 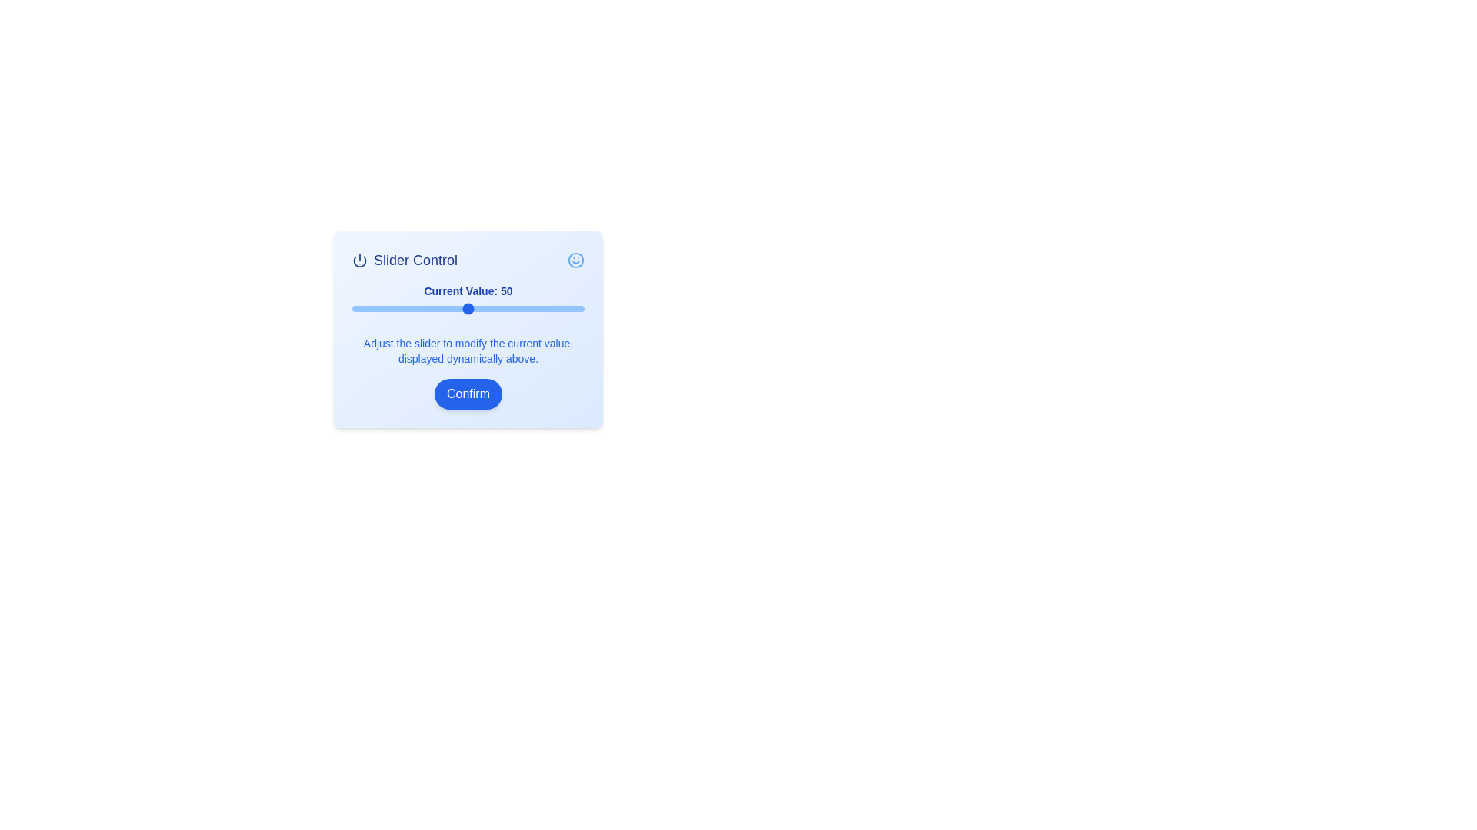 I want to click on the slider's value, so click(x=486, y=308).